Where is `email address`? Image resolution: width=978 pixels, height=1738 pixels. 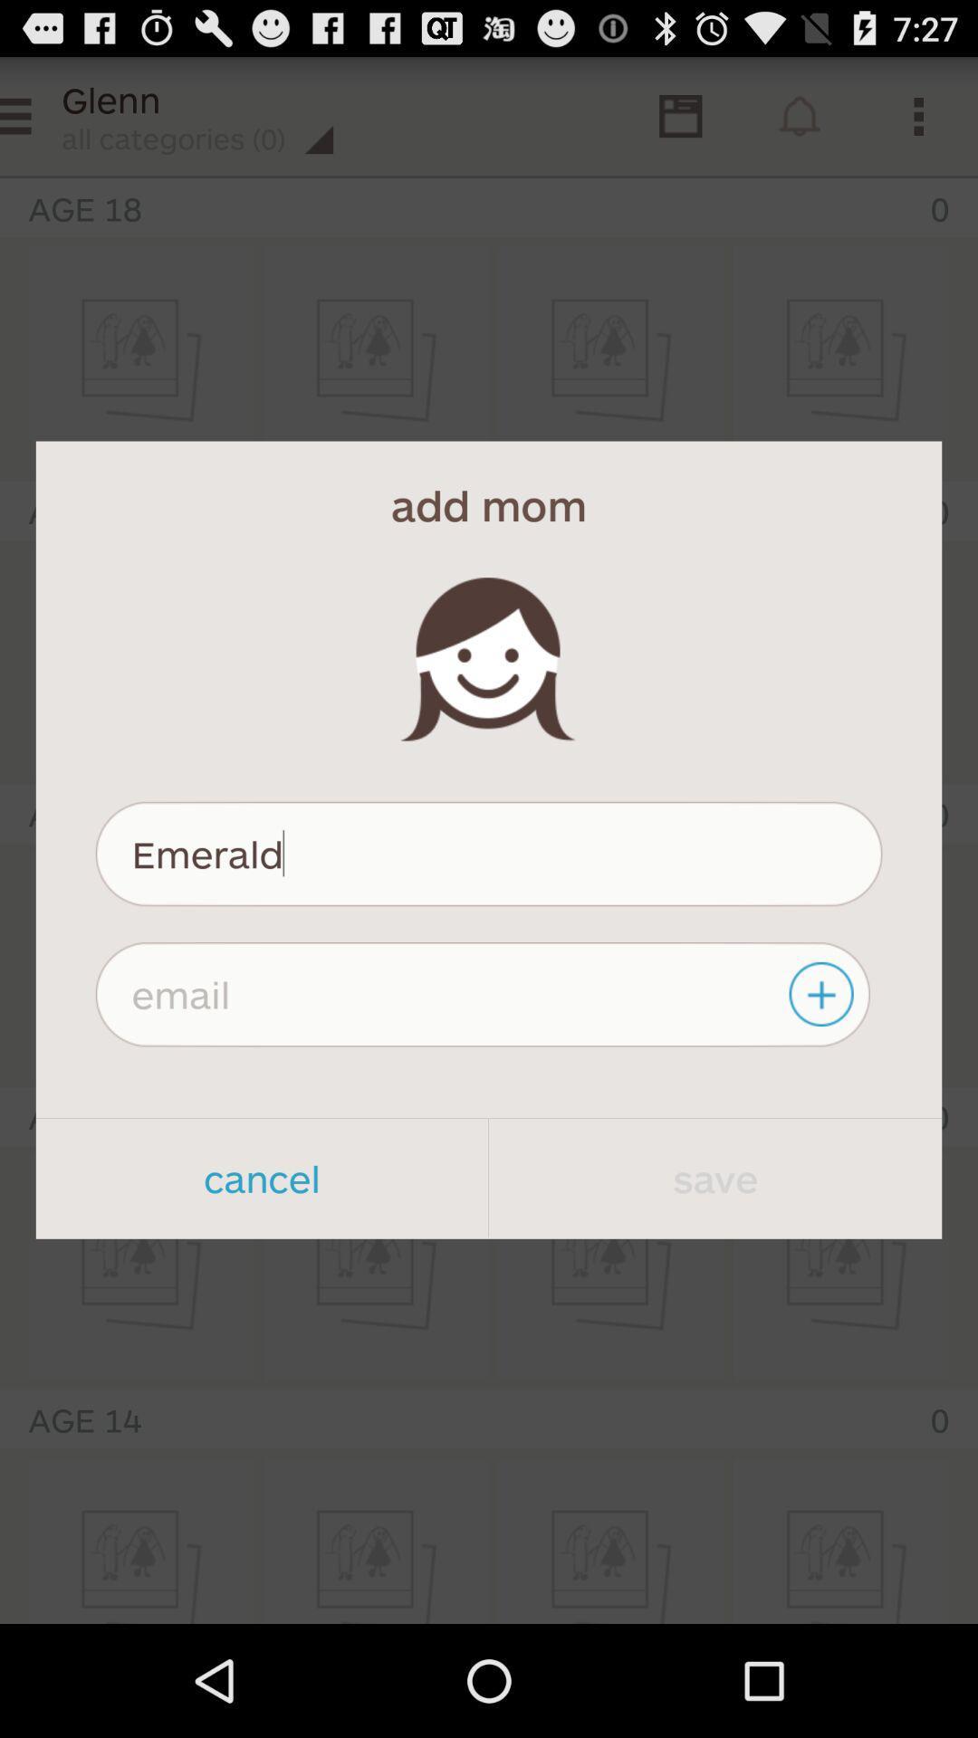
email address is located at coordinates (823, 993).